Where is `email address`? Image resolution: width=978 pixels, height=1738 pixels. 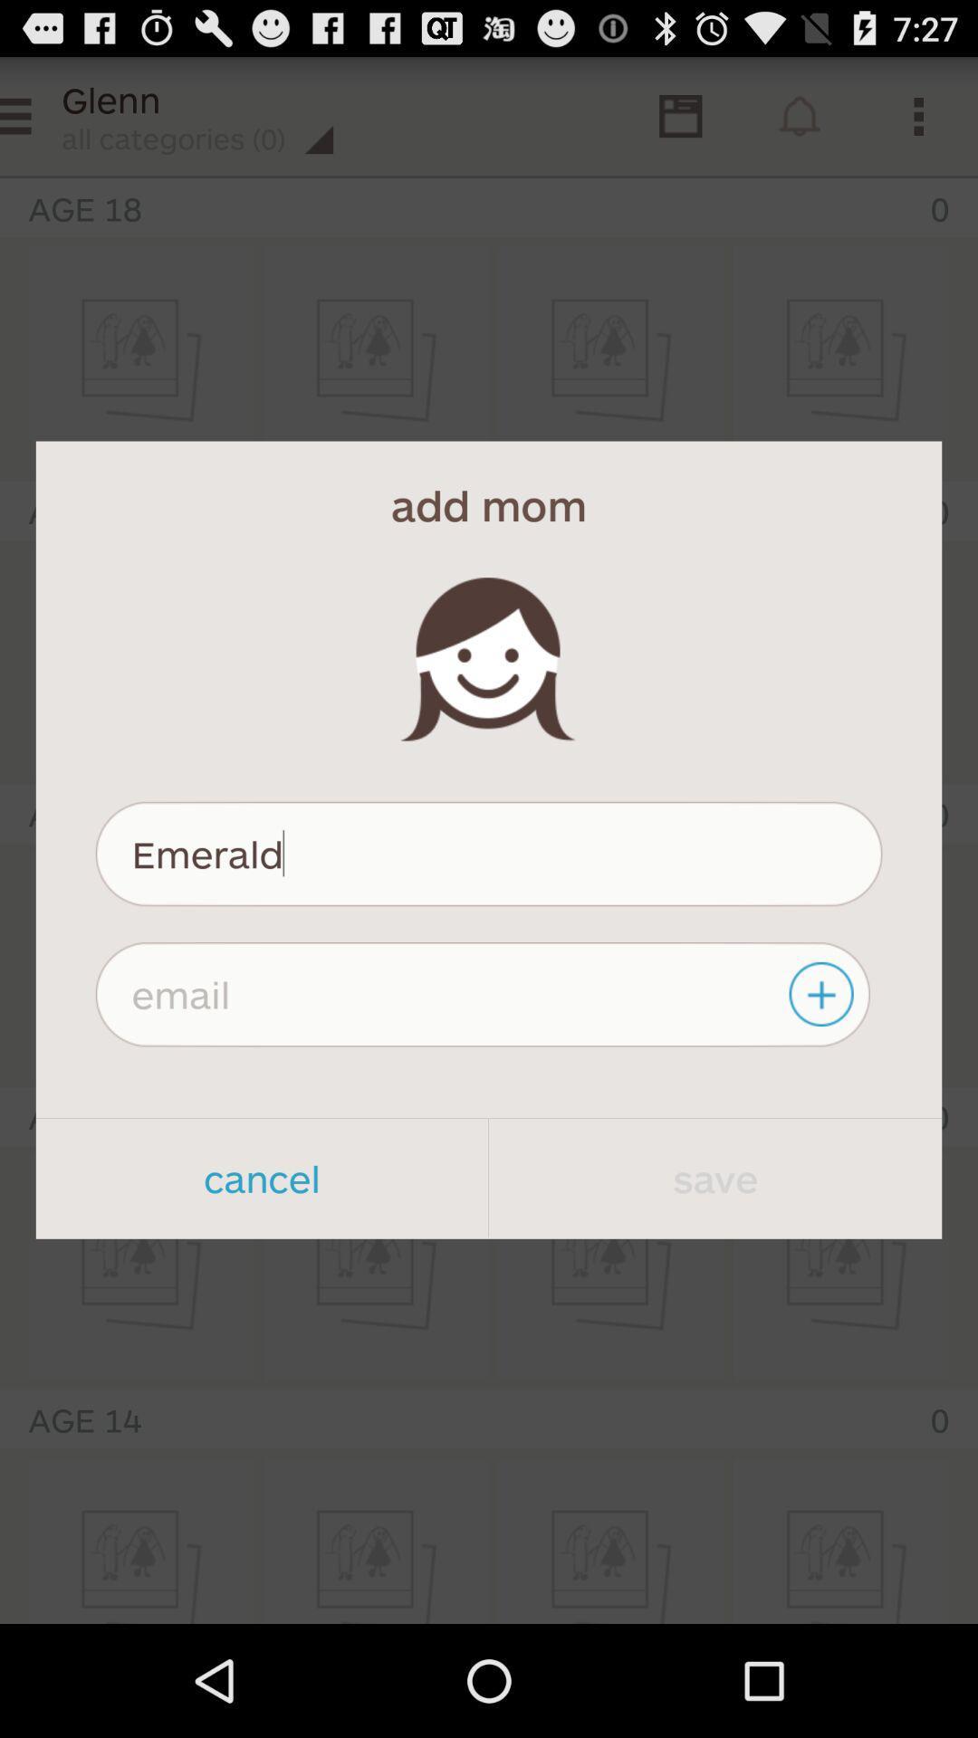
email address is located at coordinates (823, 993).